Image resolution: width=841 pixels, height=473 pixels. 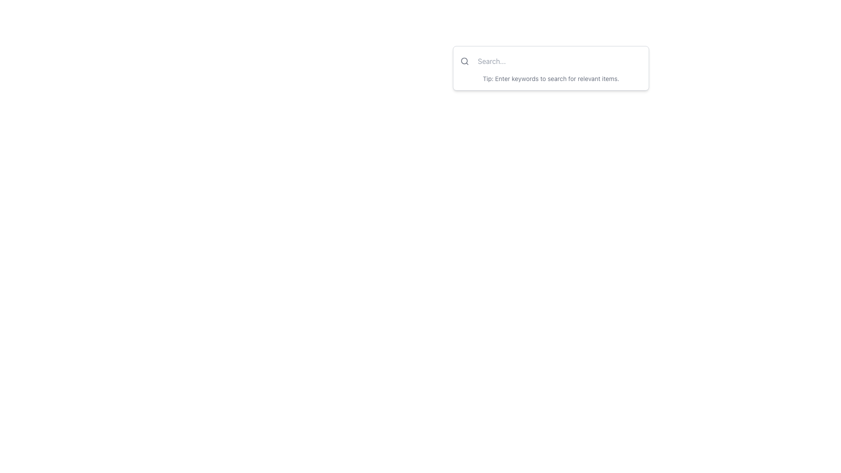 What do you see at coordinates (464, 60) in the screenshot?
I see `the circular component of the search icon located to the left of the text area in the search bar interface` at bounding box center [464, 60].